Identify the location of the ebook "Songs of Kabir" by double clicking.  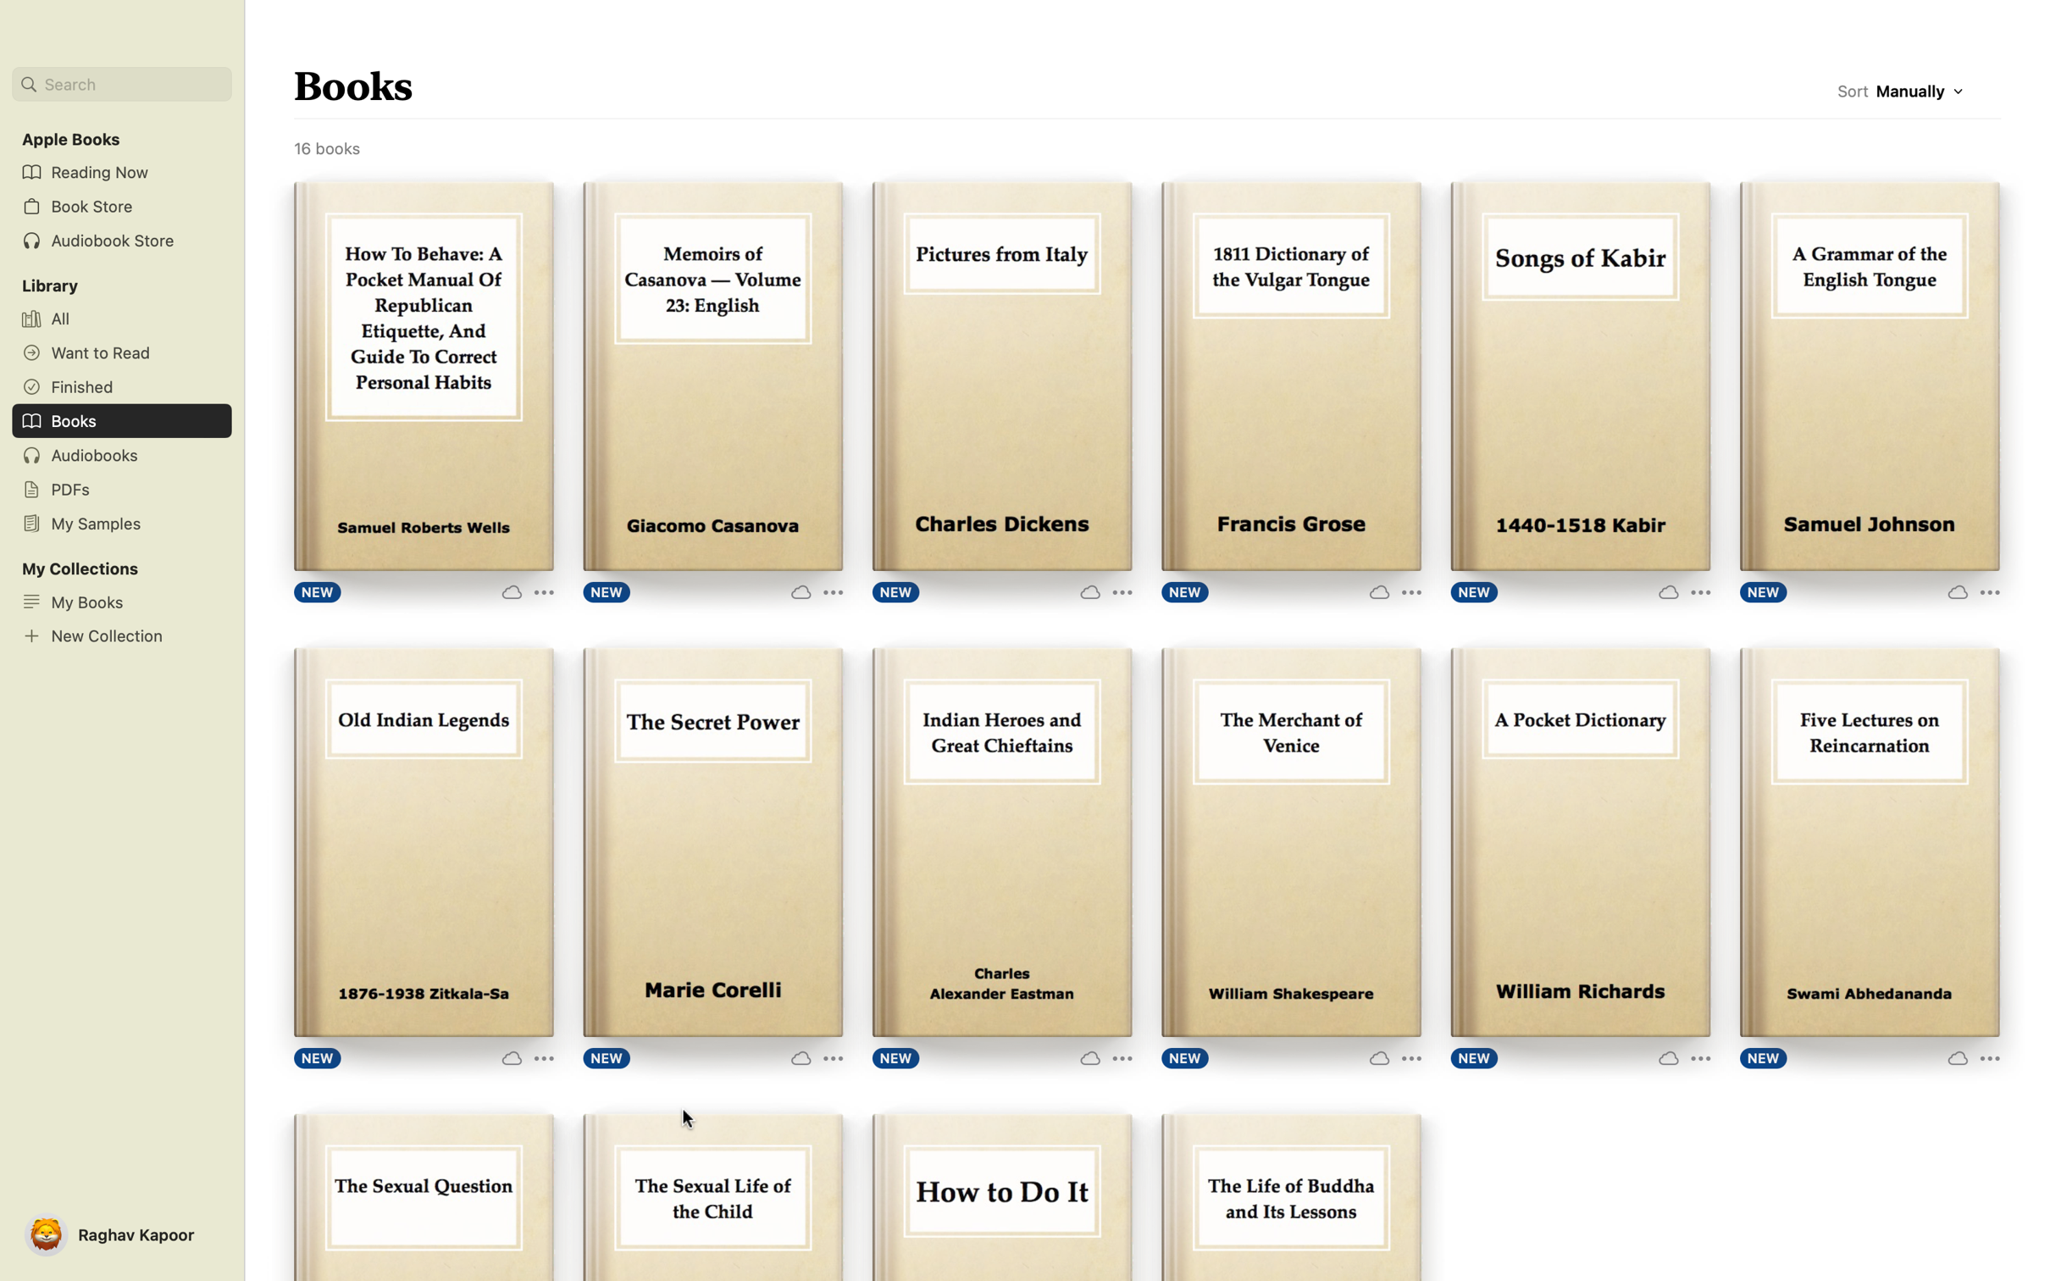
(1580, 376).